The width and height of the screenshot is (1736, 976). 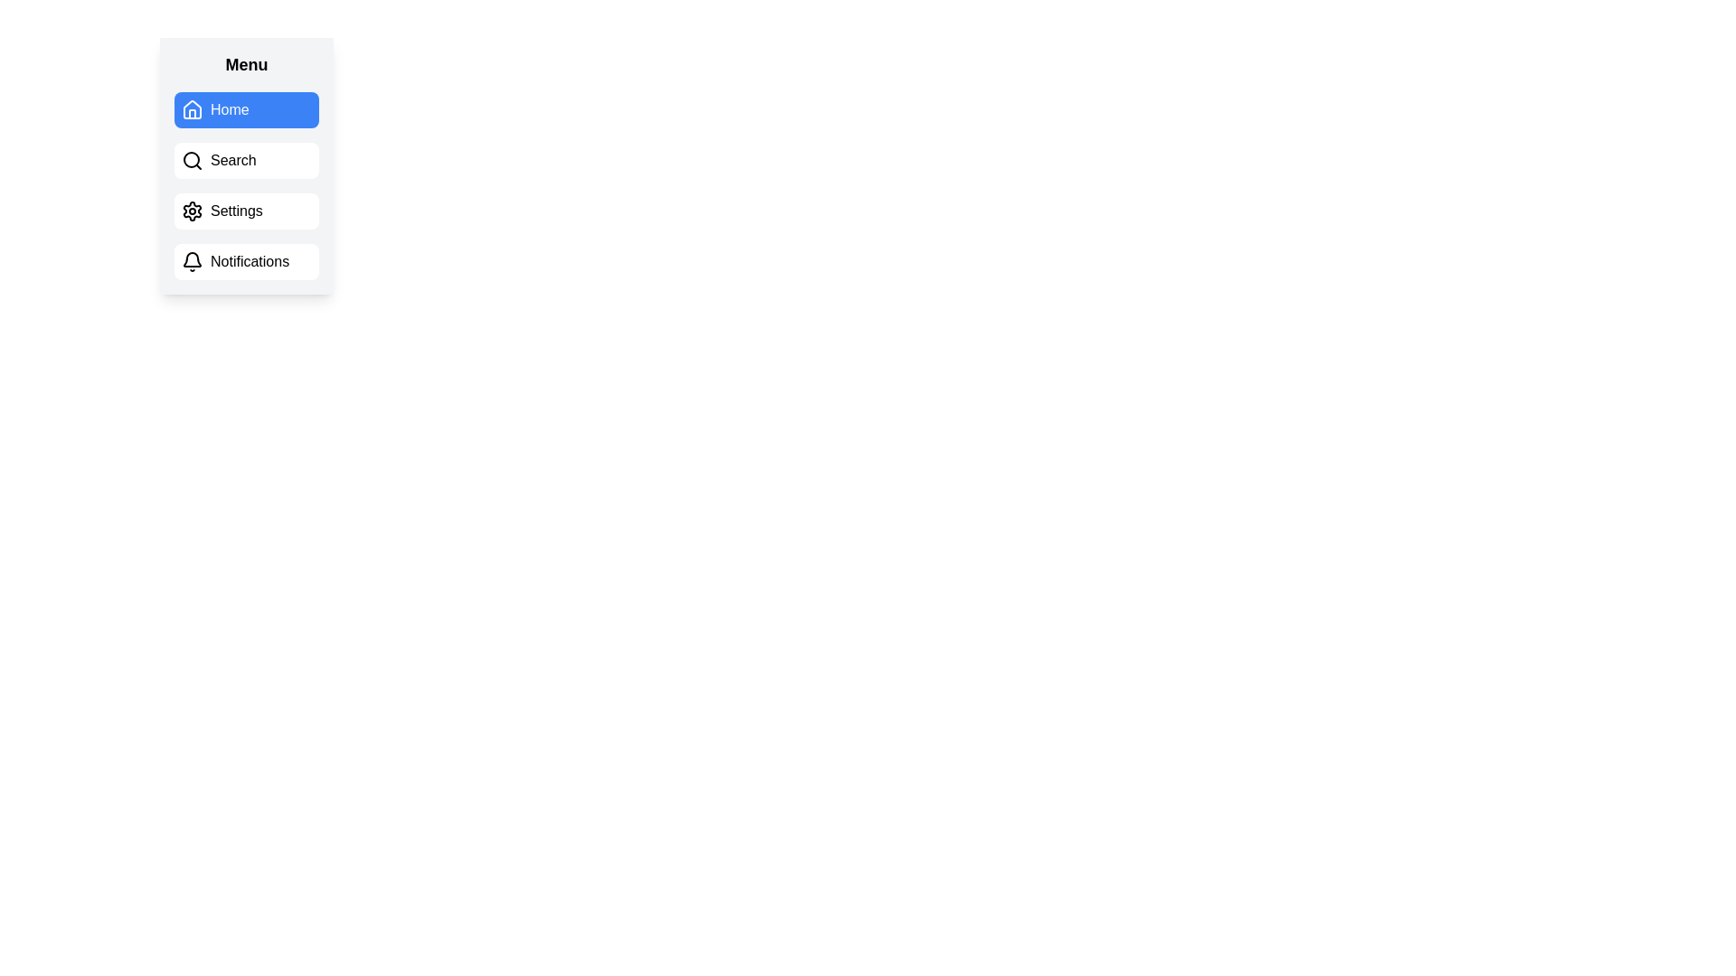 What do you see at coordinates (192, 108) in the screenshot?
I see `the house icon in the menu entry labeled 'Home'` at bounding box center [192, 108].